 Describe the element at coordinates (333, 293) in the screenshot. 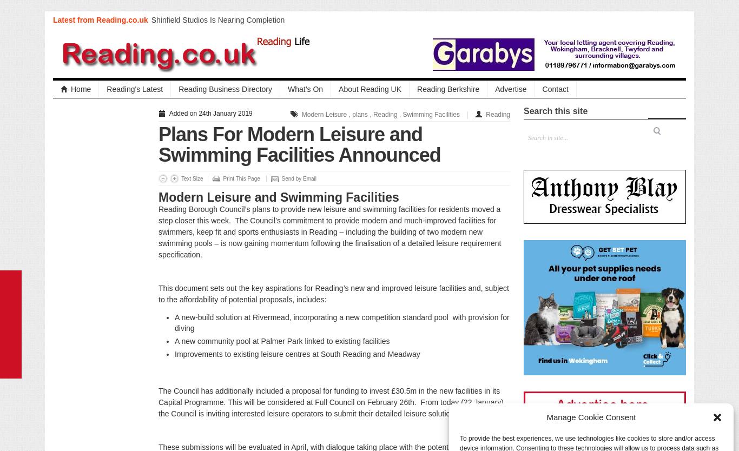

I see `'This document sets out the key aspirations for Reading’s new and improved leisure facilities and, subject to the affordability of potential proposals, includes:'` at that location.